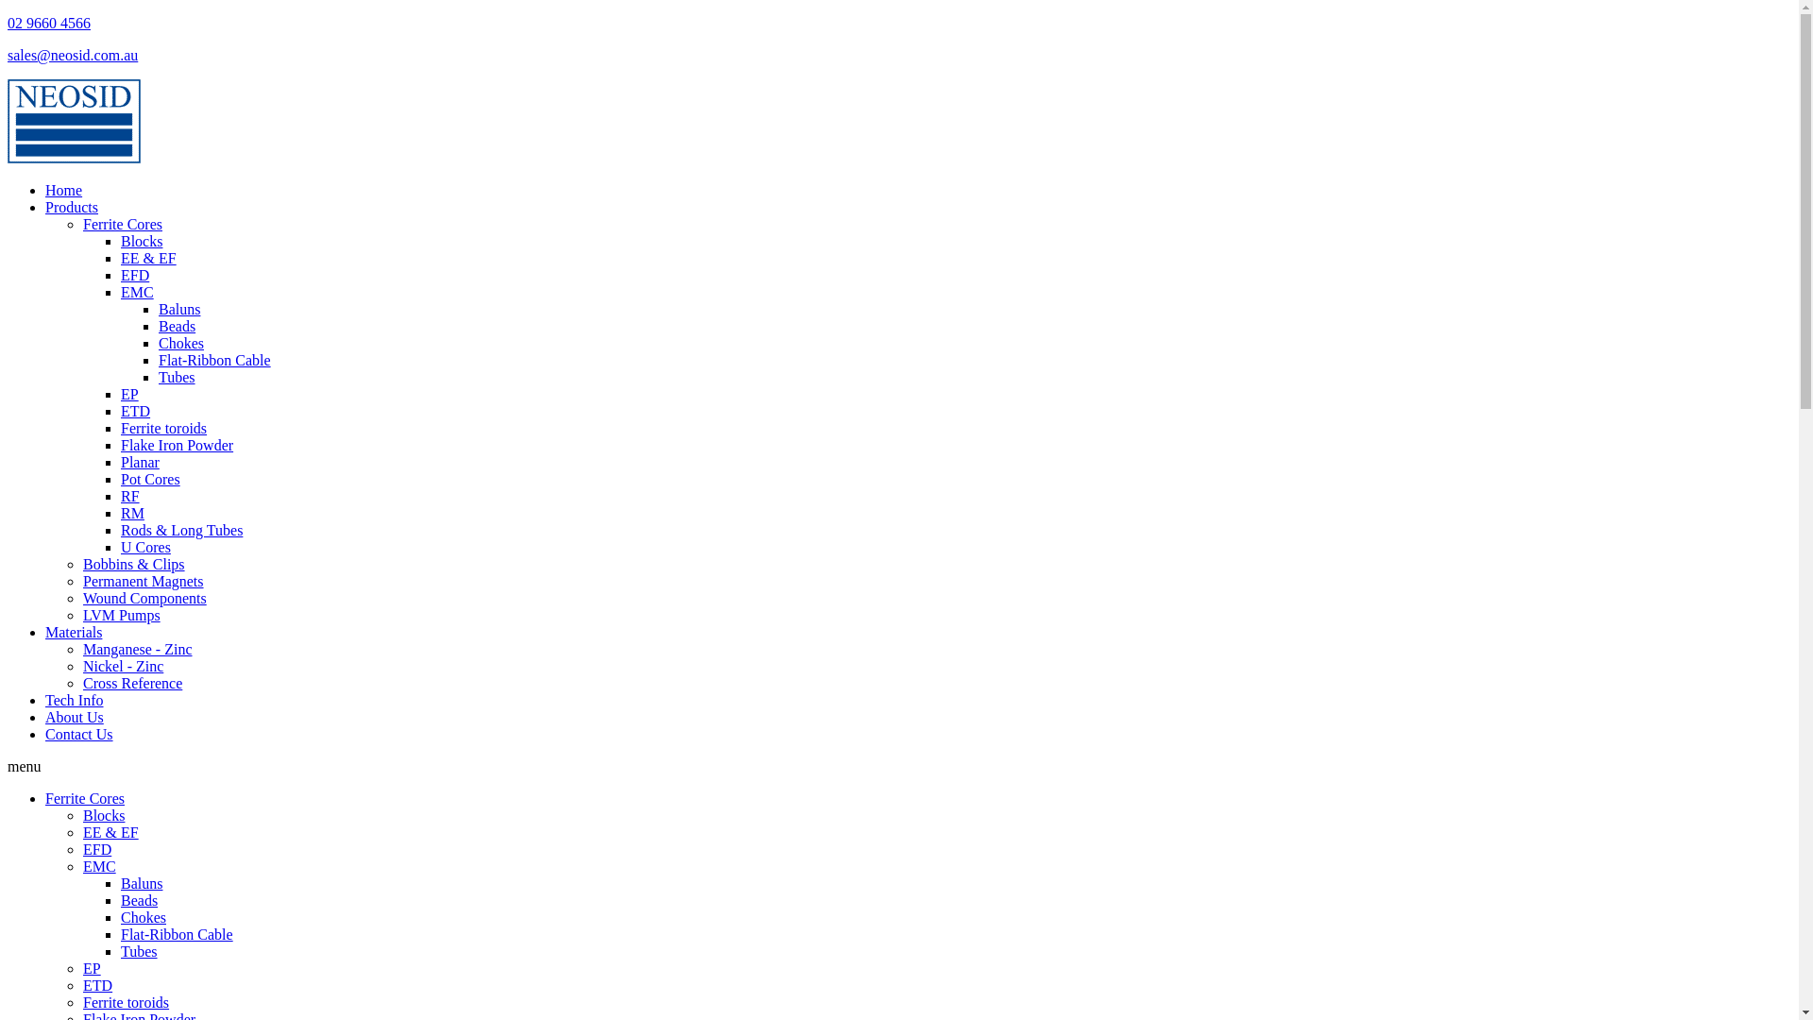 The image size is (1813, 1020). What do you see at coordinates (84, 798) in the screenshot?
I see `'Ferrite Cores'` at bounding box center [84, 798].